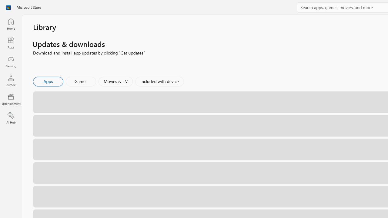  What do you see at coordinates (11, 118) in the screenshot?
I see `'AI Hub'` at bounding box center [11, 118].